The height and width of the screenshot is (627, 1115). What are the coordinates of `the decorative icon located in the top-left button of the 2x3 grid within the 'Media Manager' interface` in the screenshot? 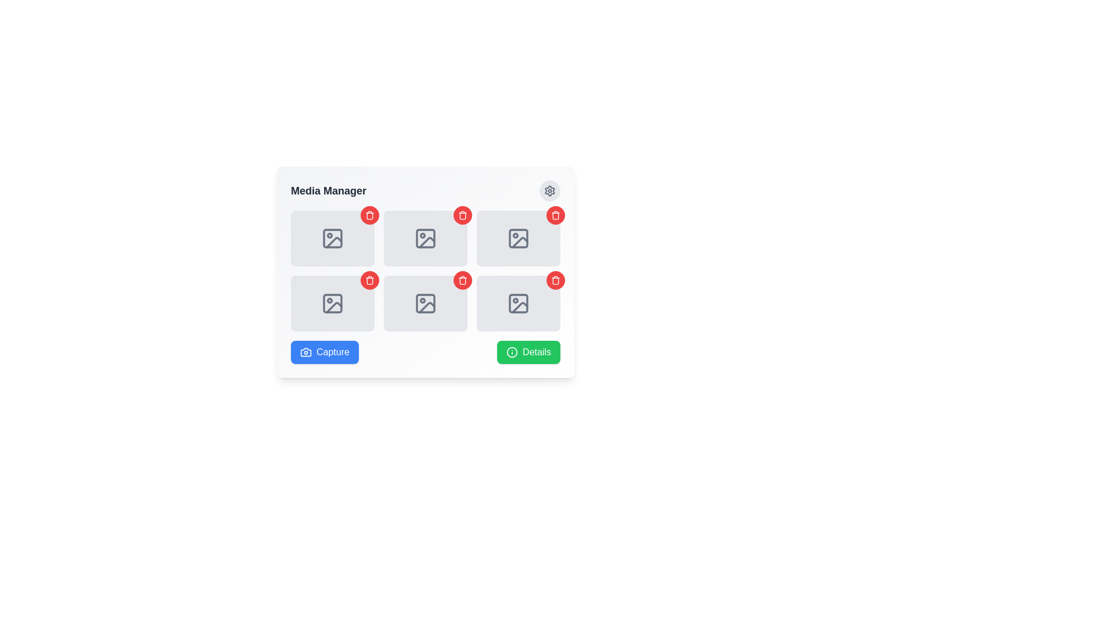 It's located at (332, 238).